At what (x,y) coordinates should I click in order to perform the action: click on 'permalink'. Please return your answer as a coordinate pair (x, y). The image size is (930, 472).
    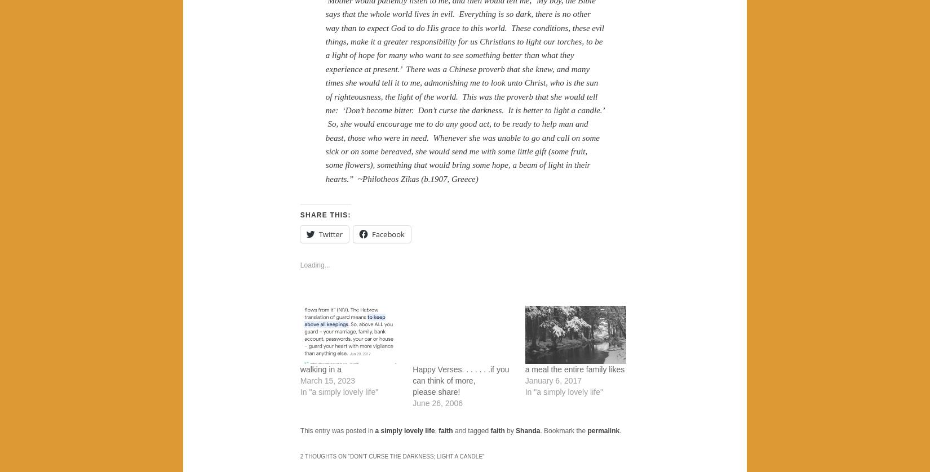
    Looking at the image, I should click on (587, 430).